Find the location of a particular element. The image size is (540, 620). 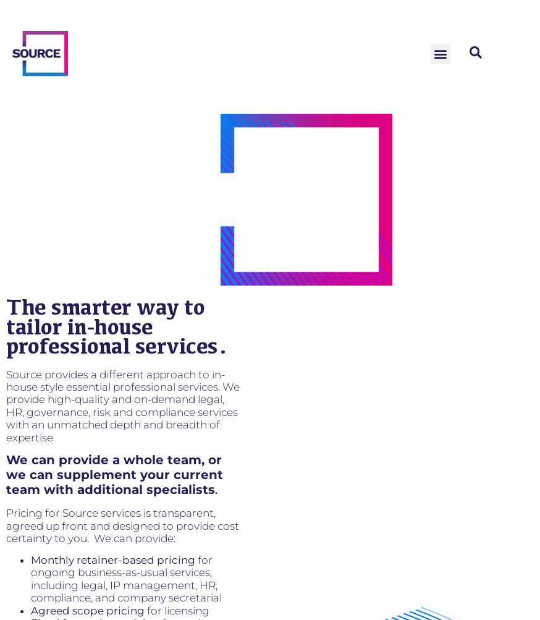

'Source provides a different approach to in-house style essential professional services. We provide high-quality and on-demand legal, HR, governance, risk and compliance services with an unmatched depth and breadth of expertise.' is located at coordinates (122, 405).